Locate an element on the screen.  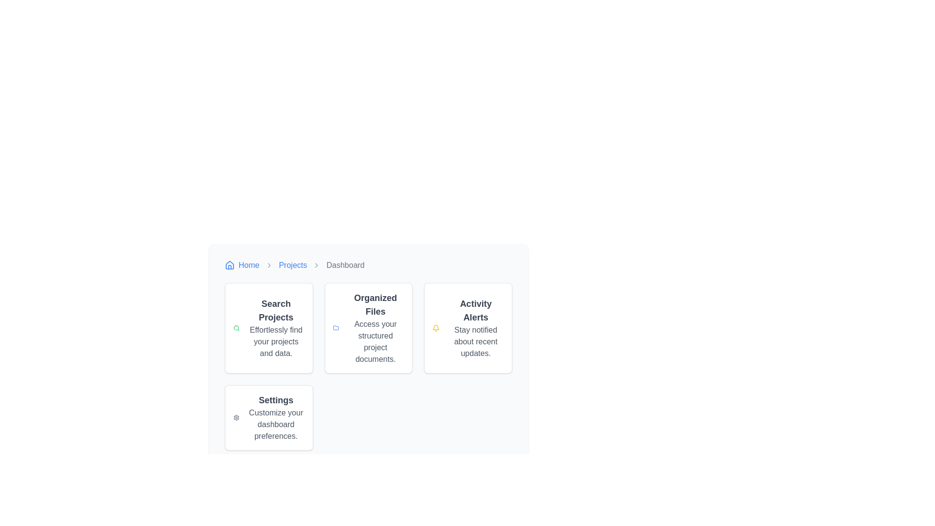
the blue text link labeled 'Projects' in the navigation breadcrumb is located at coordinates (292, 265).